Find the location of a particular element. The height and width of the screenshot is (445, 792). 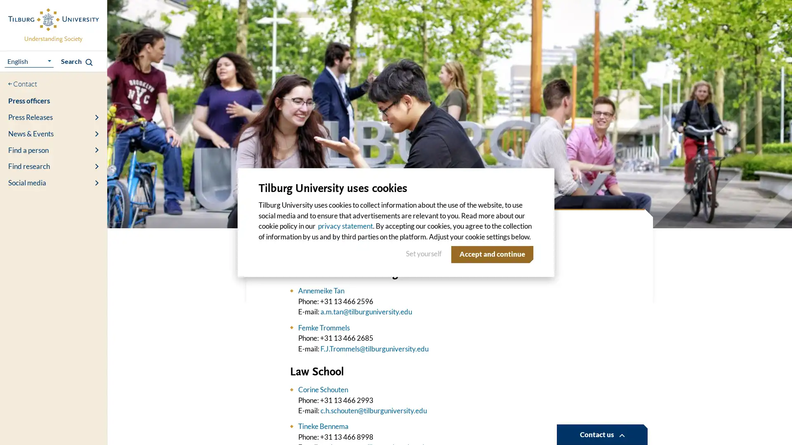

Accept and continue is located at coordinates (490, 254).